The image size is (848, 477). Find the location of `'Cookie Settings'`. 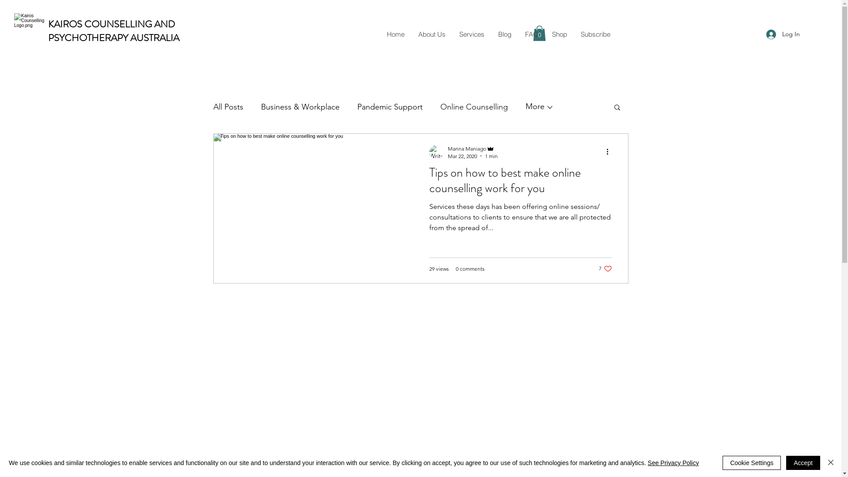

'Cookie Settings' is located at coordinates (723, 462).